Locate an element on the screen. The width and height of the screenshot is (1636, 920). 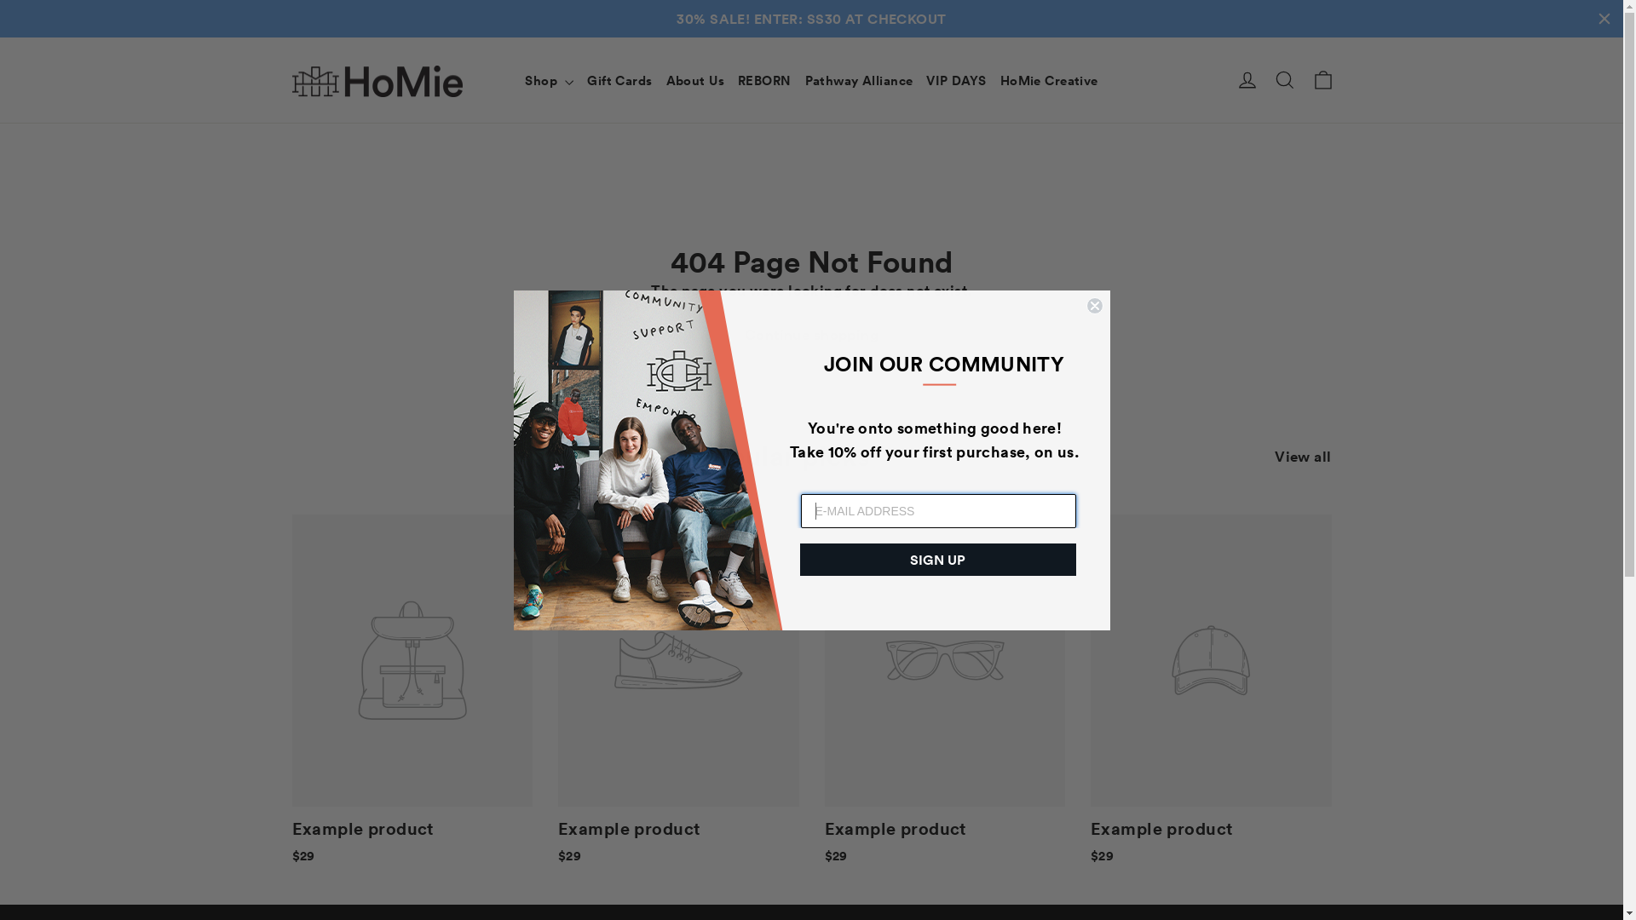
'Shop' is located at coordinates (549, 42).